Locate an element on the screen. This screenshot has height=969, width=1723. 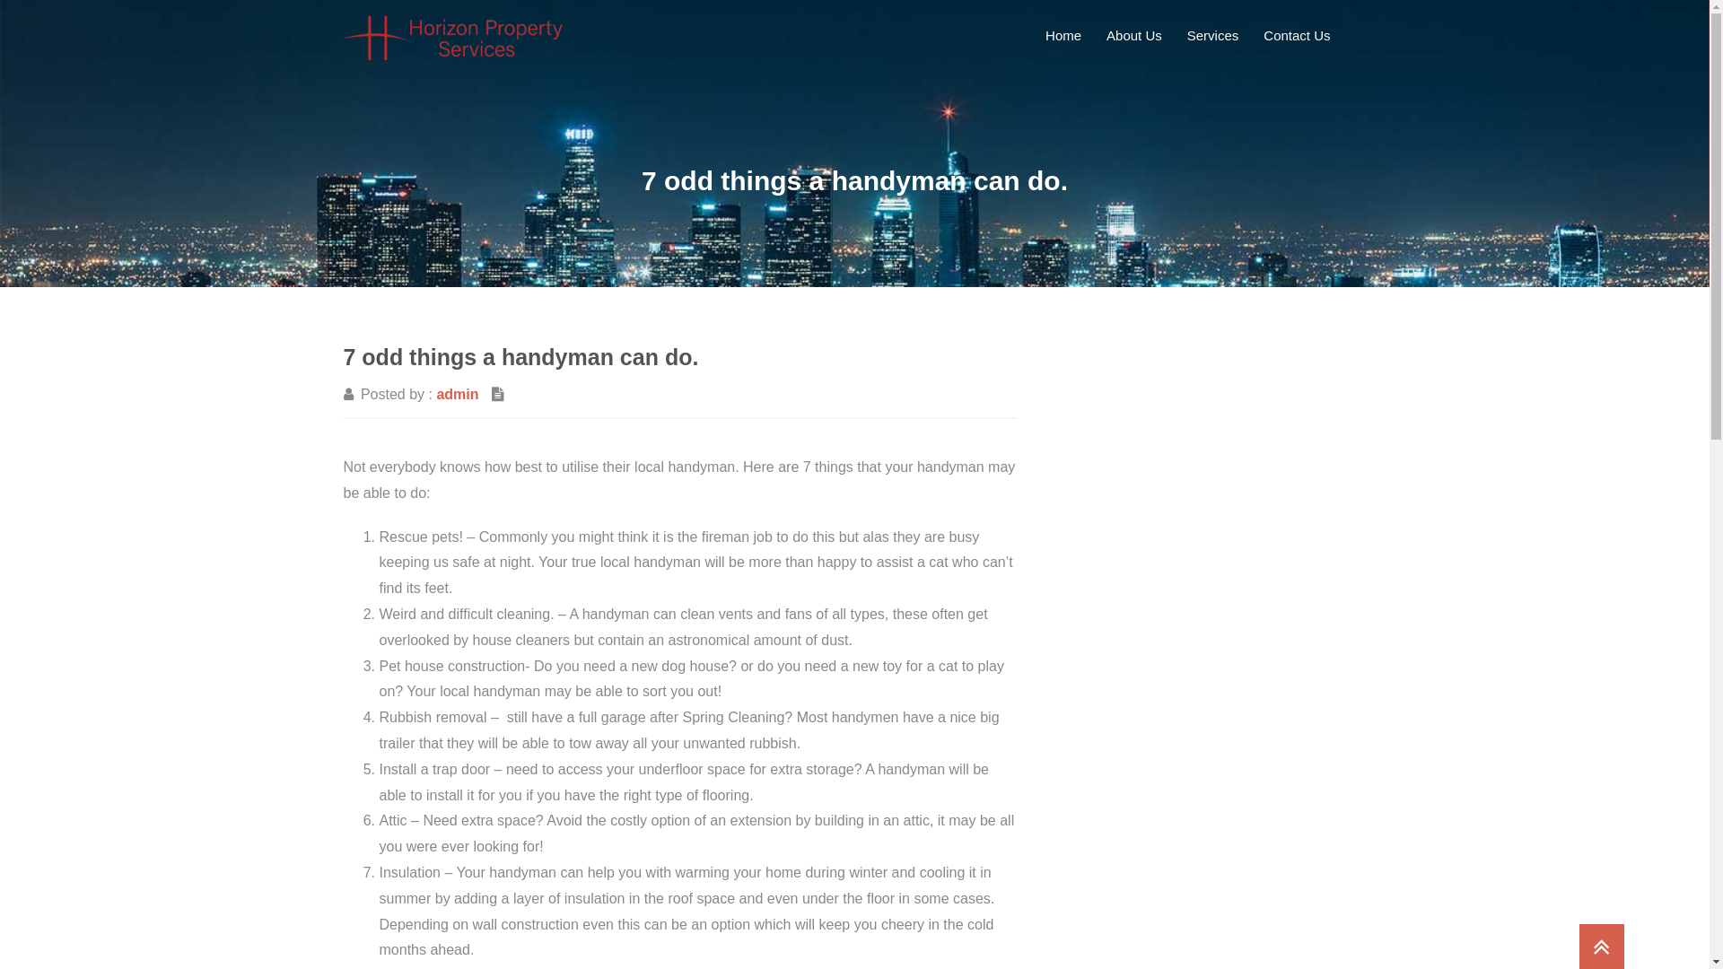
'Home' is located at coordinates (1034, 35).